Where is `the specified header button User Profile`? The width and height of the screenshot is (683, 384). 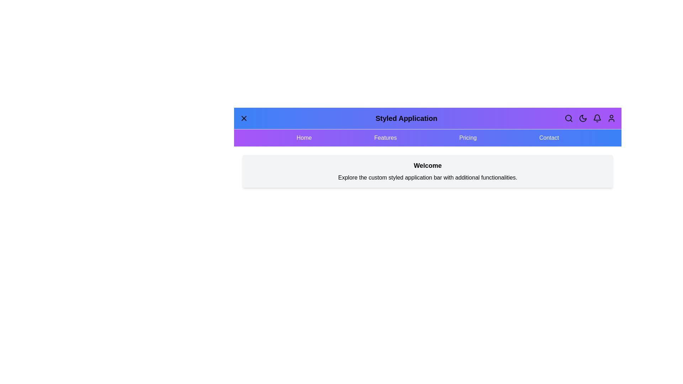 the specified header button User Profile is located at coordinates (611, 118).